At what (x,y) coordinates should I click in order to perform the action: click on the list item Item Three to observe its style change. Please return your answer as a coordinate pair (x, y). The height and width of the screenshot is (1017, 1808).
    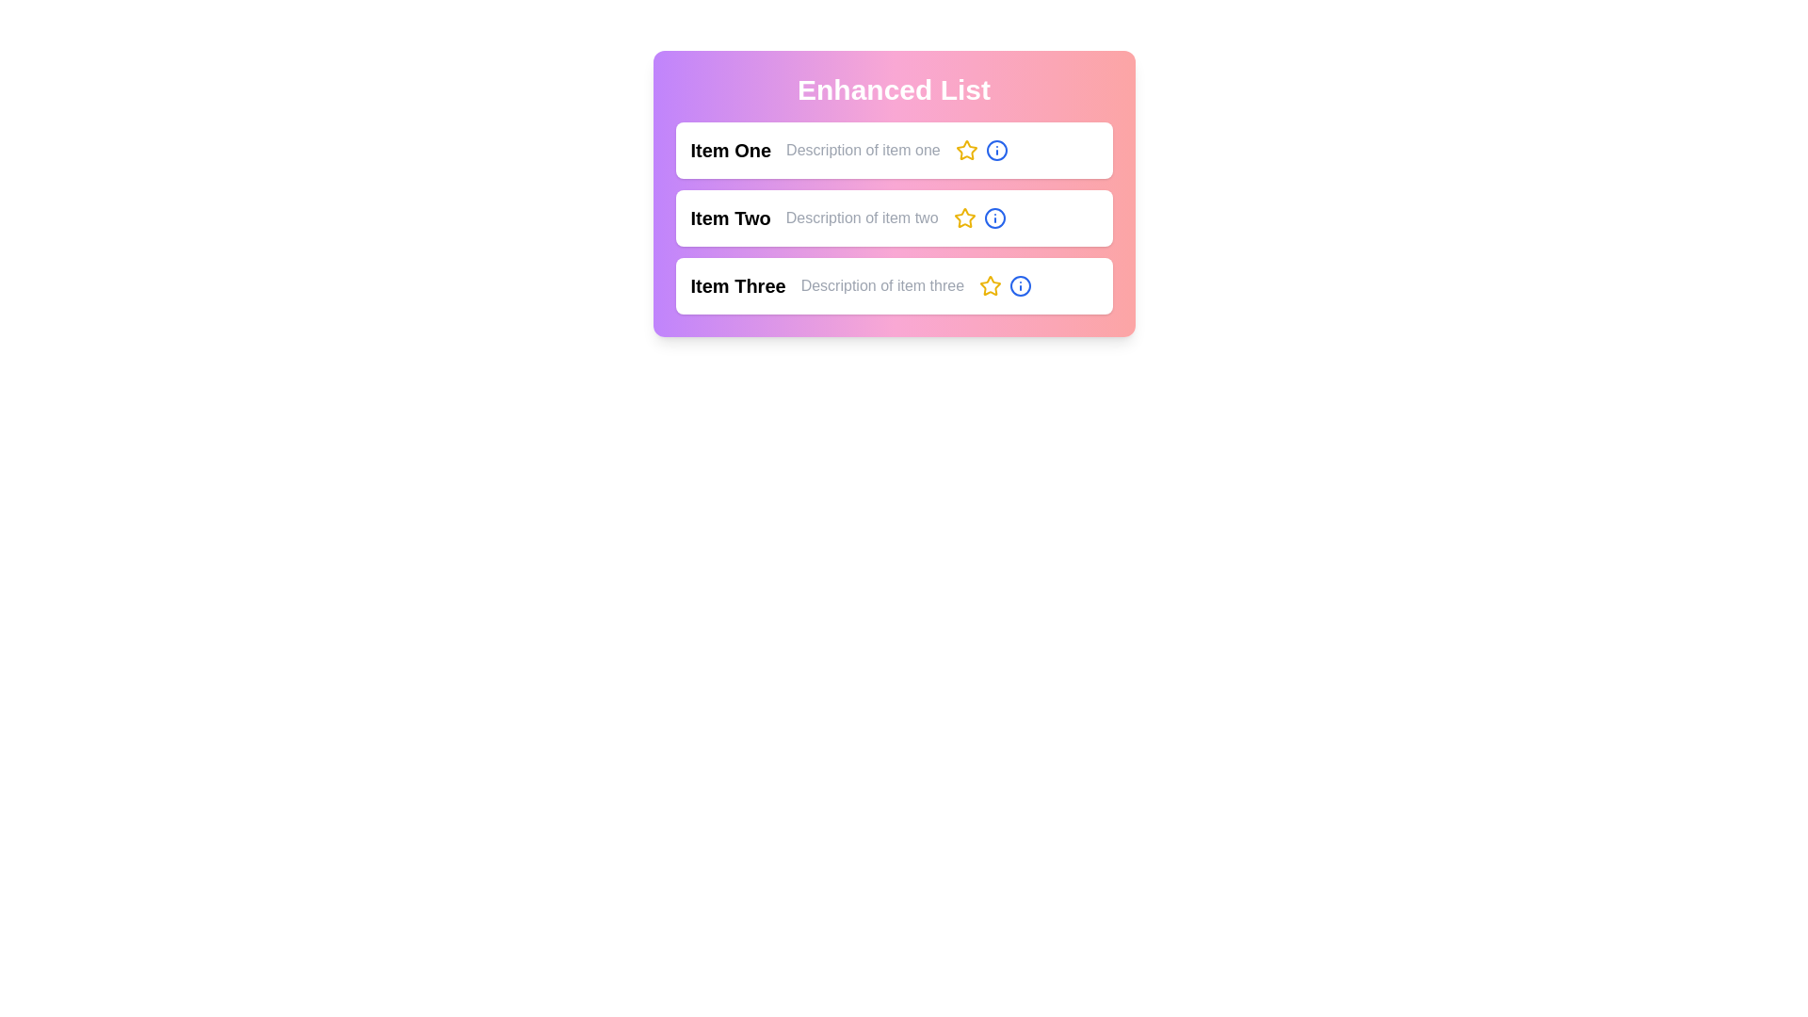
    Looking at the image, I should click on (893, 286).